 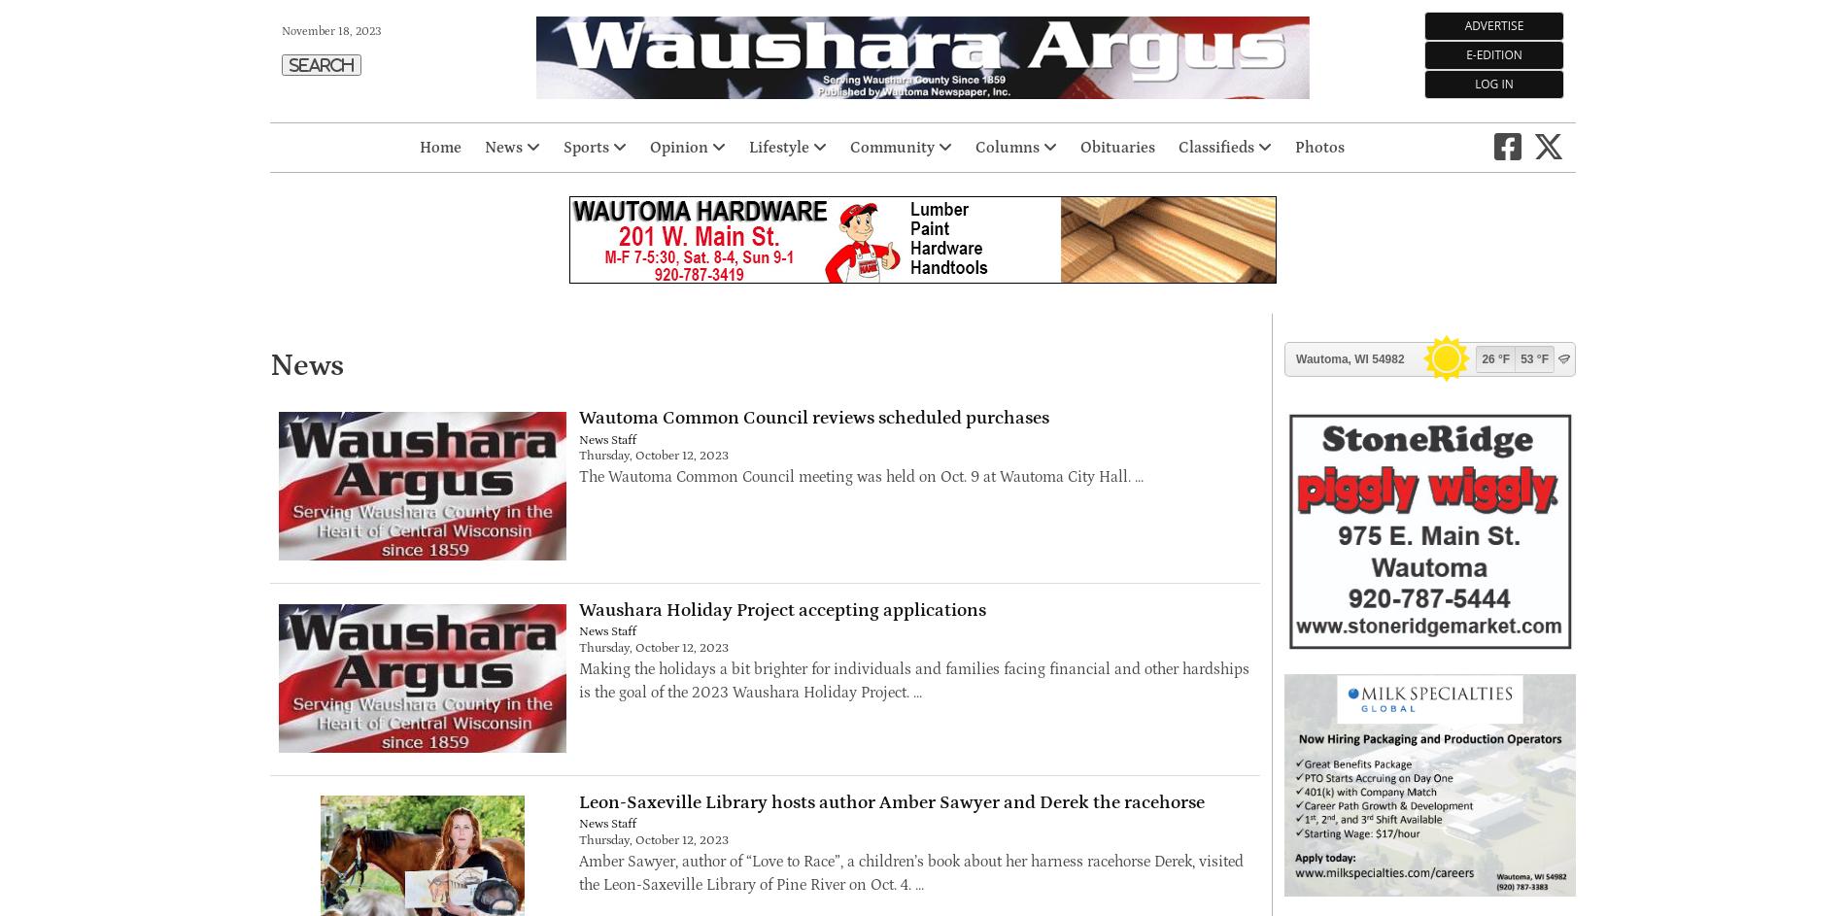 I want to click on 'Advertise', so click(x=1493, y=25).